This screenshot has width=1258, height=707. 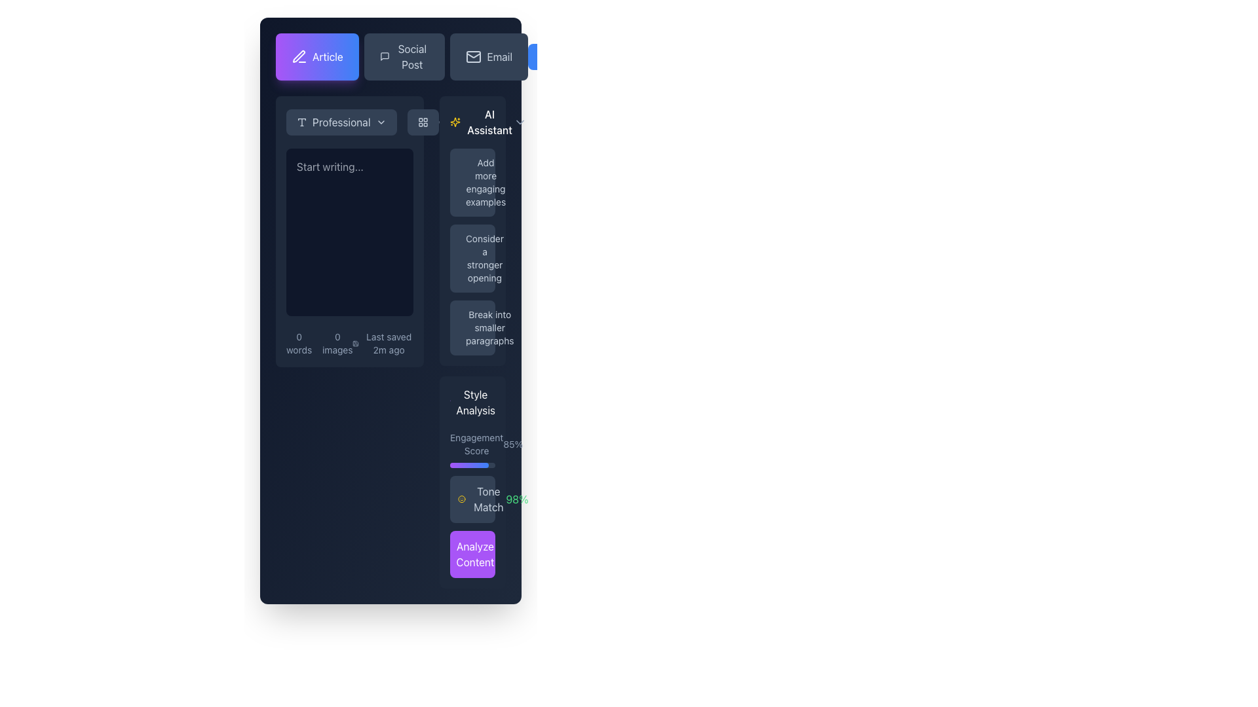 I want to click on the progression value, so click(x=474, y=464).